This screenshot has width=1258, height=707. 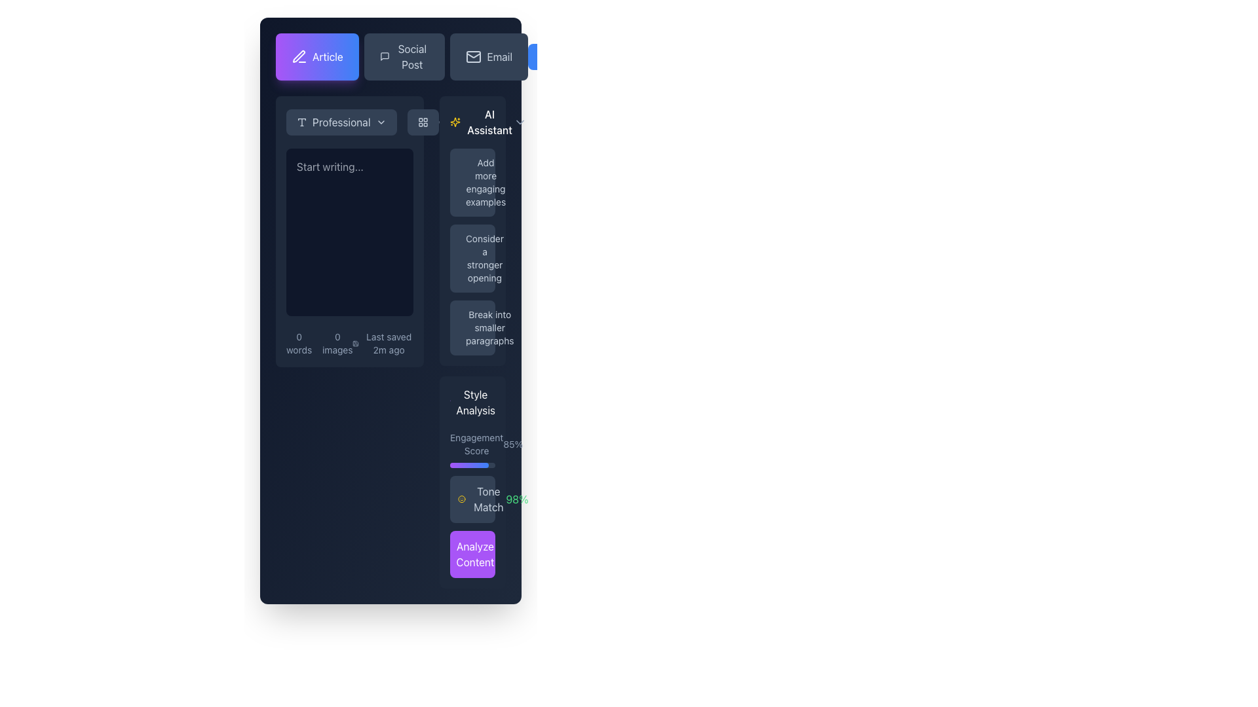 I want to click on the progression value, so click(x=474, y=464).